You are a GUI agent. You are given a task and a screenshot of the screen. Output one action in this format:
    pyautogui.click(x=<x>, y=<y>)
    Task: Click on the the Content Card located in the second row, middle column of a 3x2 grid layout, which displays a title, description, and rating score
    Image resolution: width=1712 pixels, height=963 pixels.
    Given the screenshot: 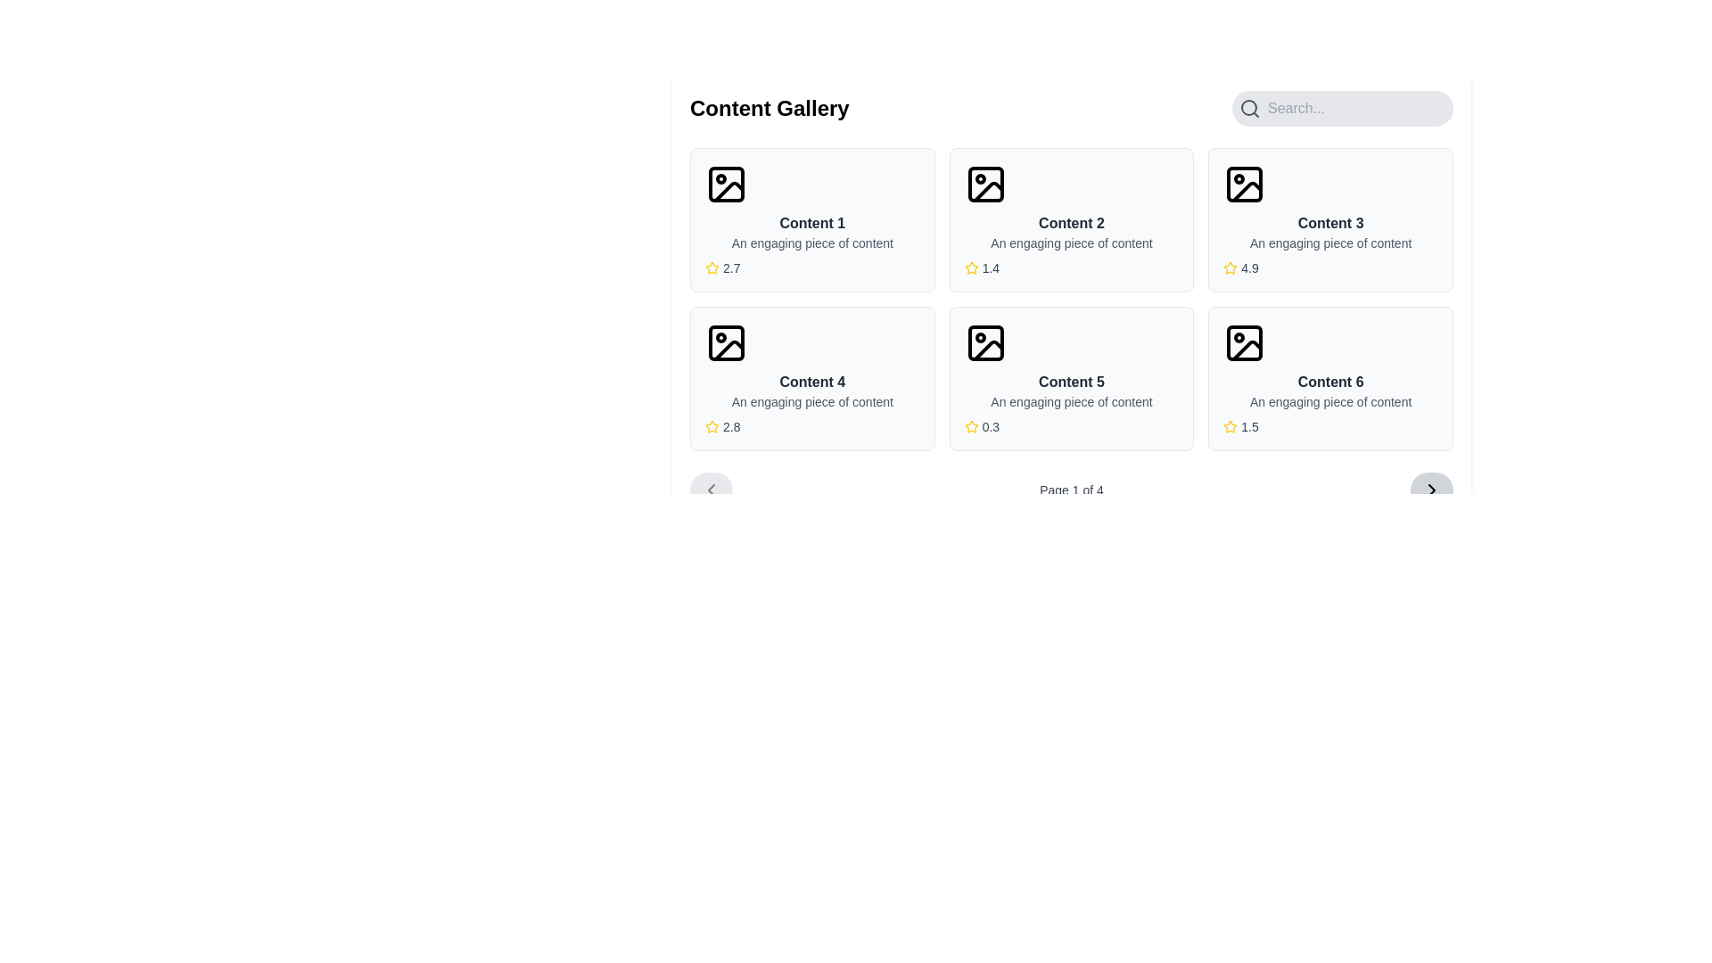 What is the action you would take?
    pyautogui.click(x=1070, y=377)
    